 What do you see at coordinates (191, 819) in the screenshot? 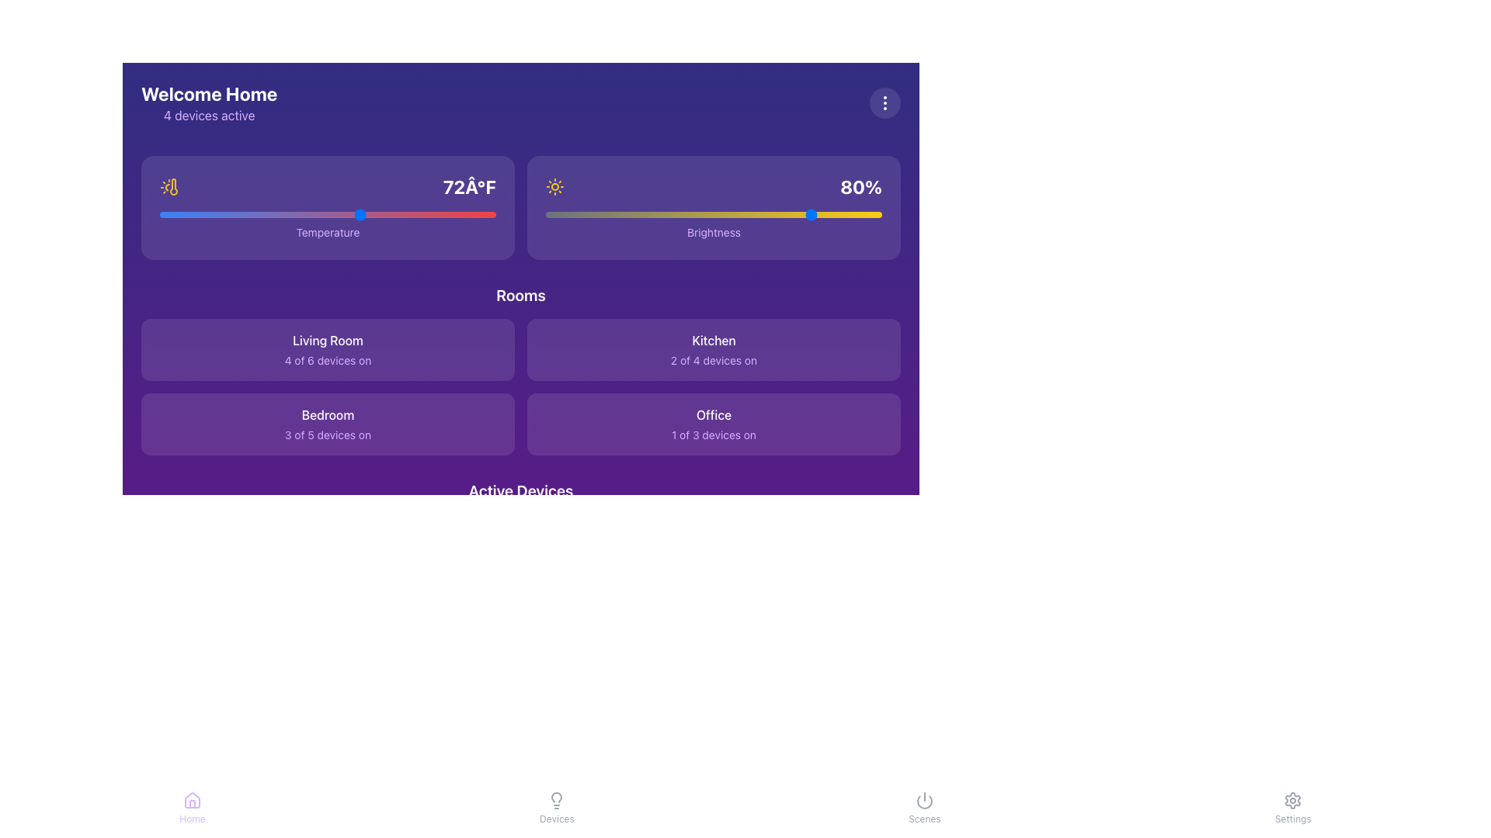
I see `text on the 'Home' label, which is a small light purple text located below the house icon in the grouped button` at bounding box center [191, 819].